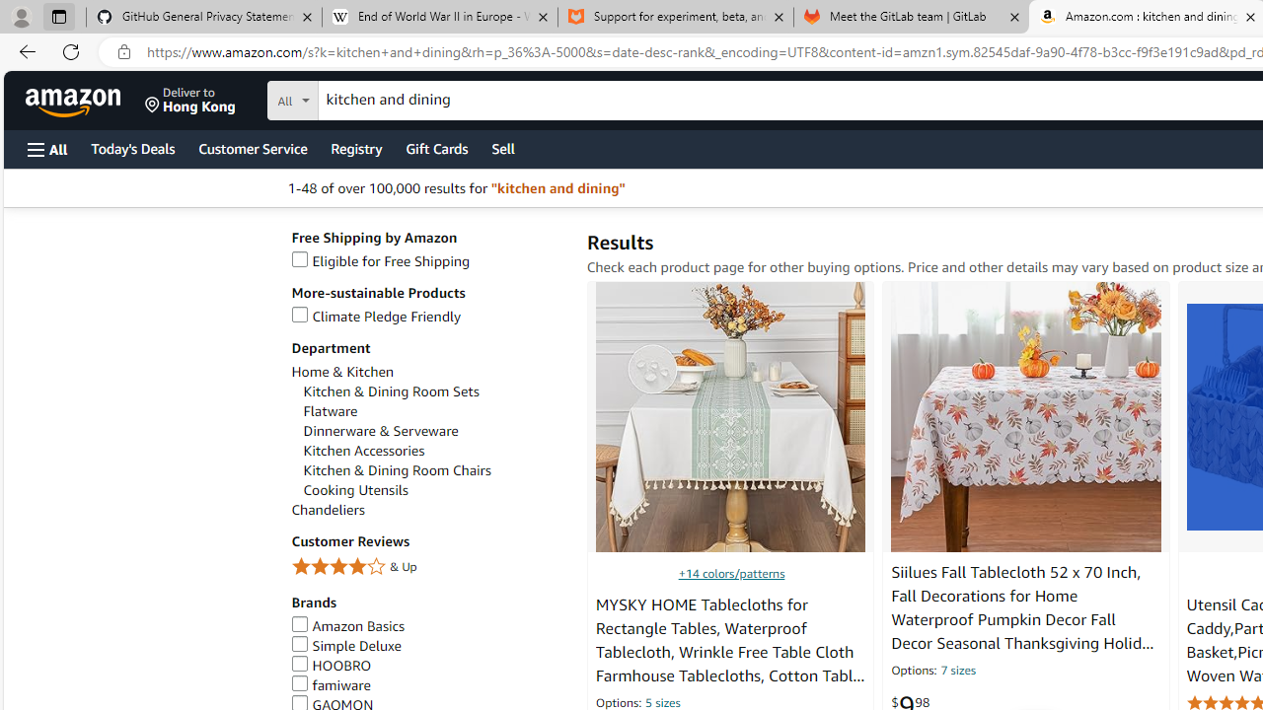 The width and height of the screenshot is (1263, 710). Describe the element at coordinates (47, 148) in the screenshot. I see `'Open Menu'` at that location.